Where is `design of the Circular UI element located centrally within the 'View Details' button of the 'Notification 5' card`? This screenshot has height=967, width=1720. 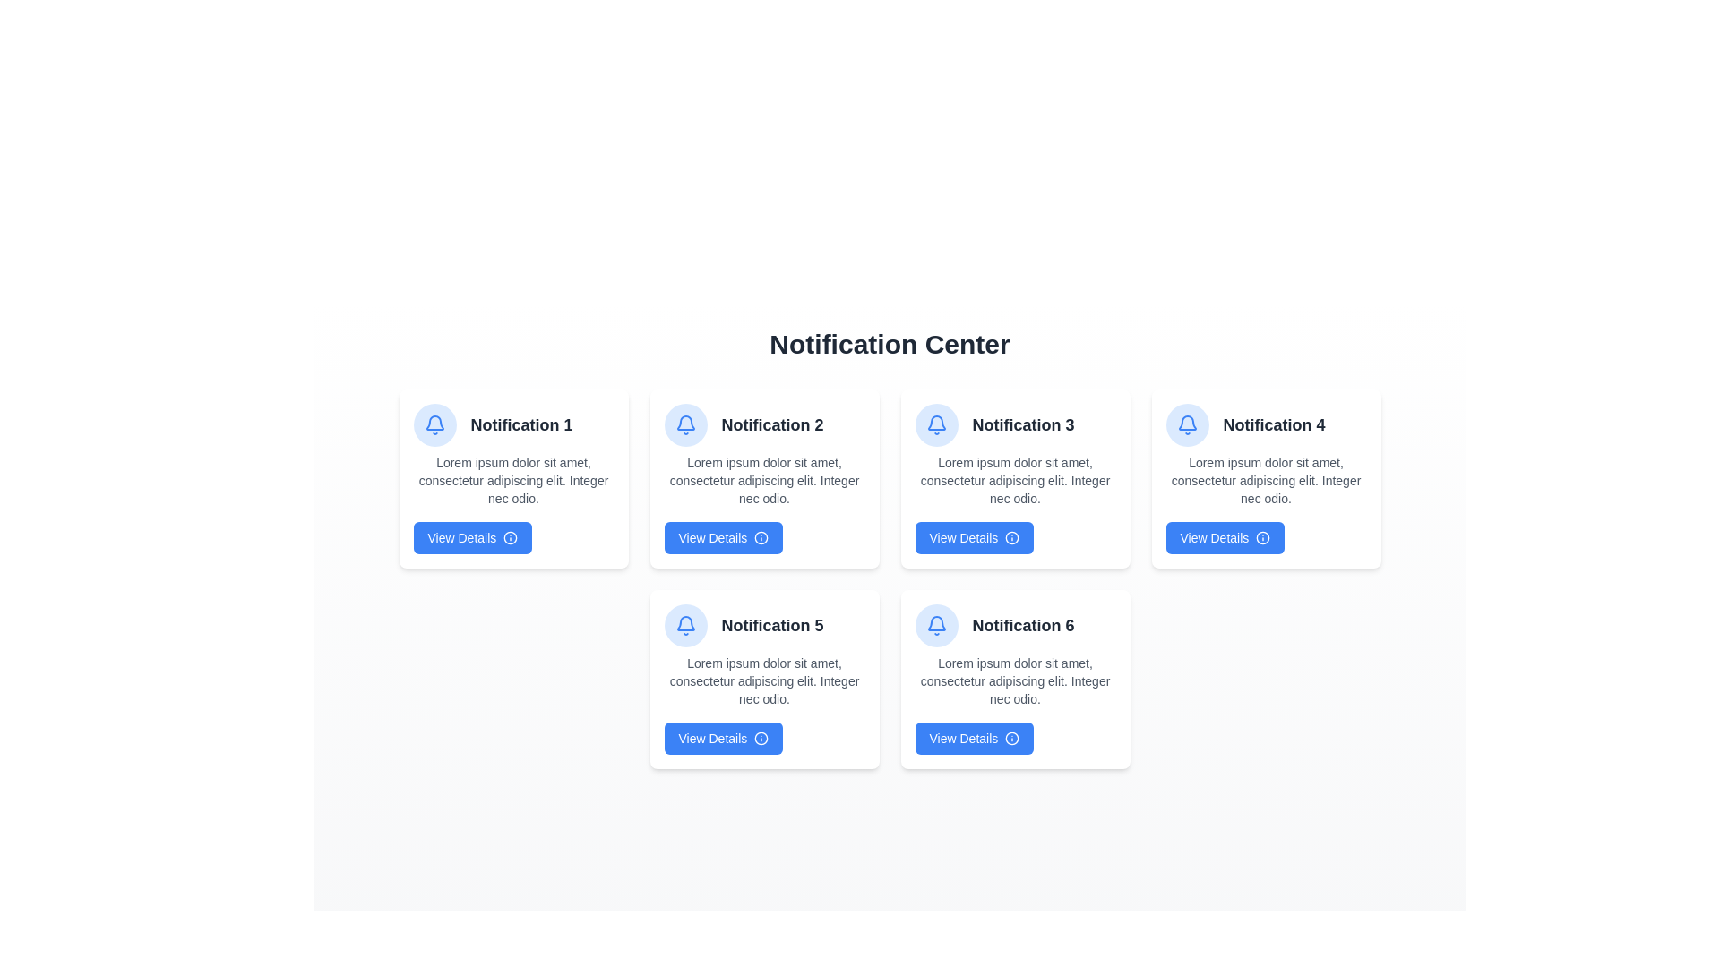
design of the Circular UI element located centrally within the 'View Details' button of the 'Notification 5' card is located at coordinates (761, 739).